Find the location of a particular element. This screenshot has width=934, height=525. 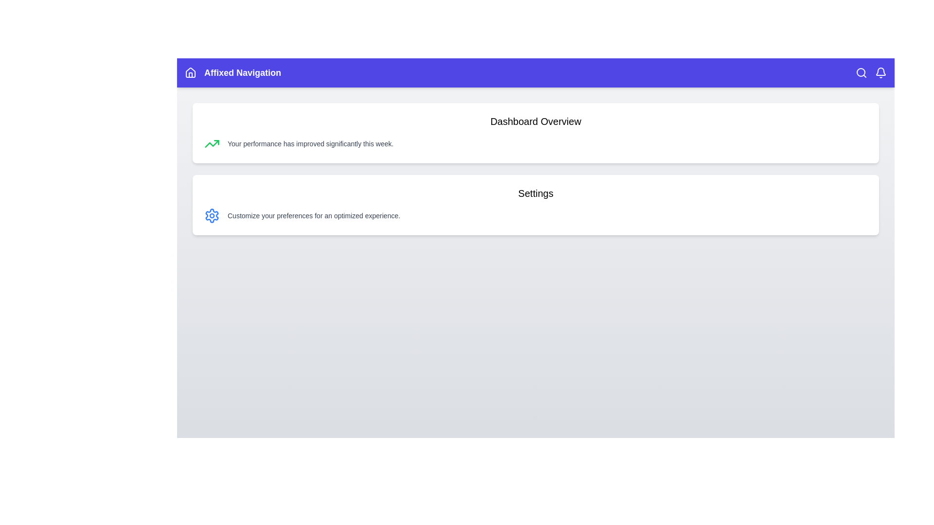

the blue gear-shaped icon representing settings, located to the left of the text 'Customize your preferences for an optimized experience.' is located at coordinates (212, 215).